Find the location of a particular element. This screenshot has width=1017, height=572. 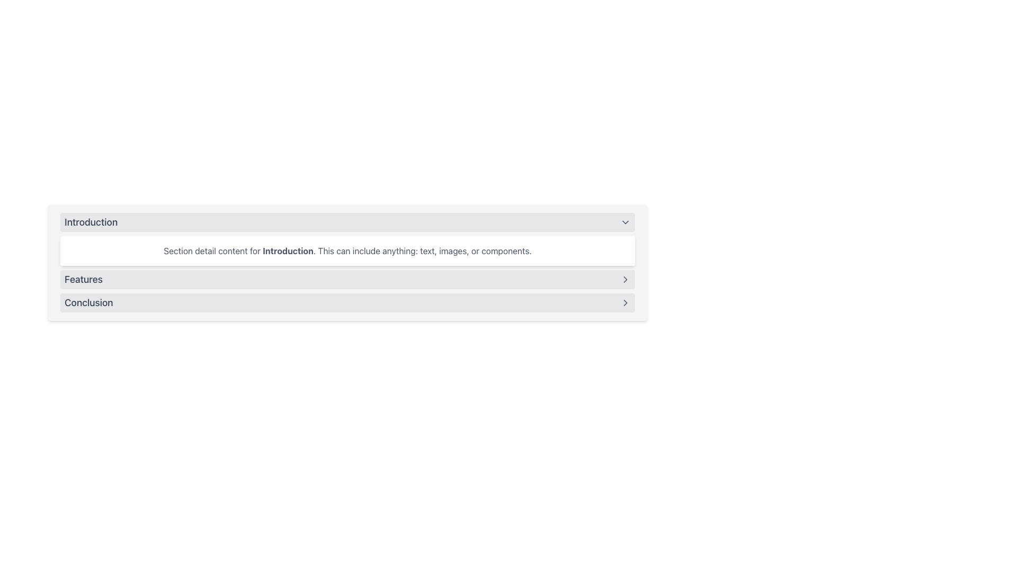

the toggle icon located at the far right side of the 'Introduction' section header is located at coordinates (625, 222).